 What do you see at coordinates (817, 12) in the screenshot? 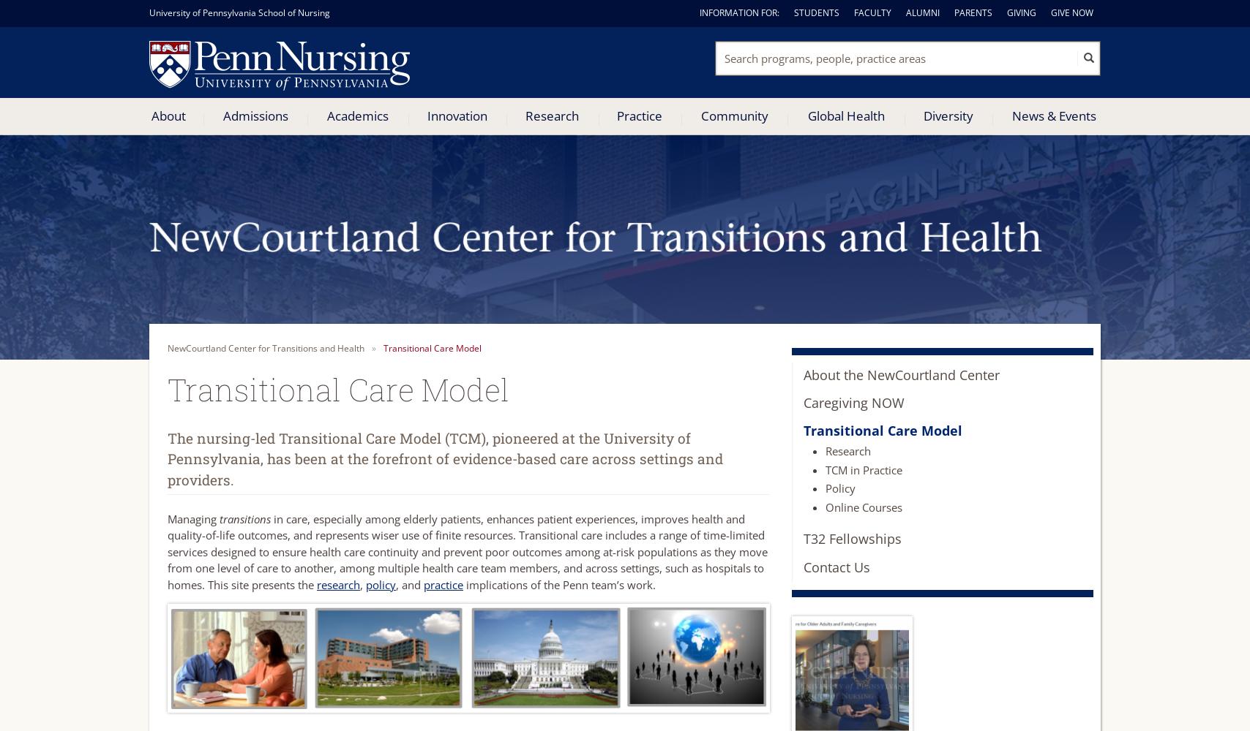
I see `'Students'` at bounding box center [817, 12].